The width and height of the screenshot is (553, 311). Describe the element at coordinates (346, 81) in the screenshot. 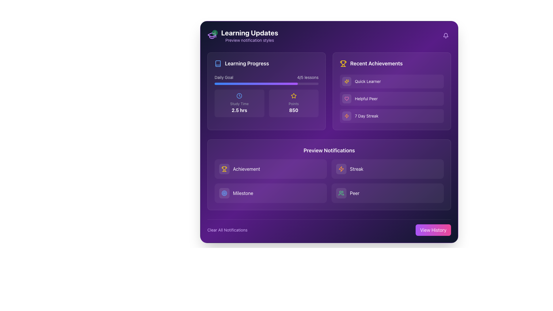

I see `the leftmost Achievement icon in the 'Recent Achievements' section, aligned with the text 'Quick Learner', to get more information about the achievement` at that location.